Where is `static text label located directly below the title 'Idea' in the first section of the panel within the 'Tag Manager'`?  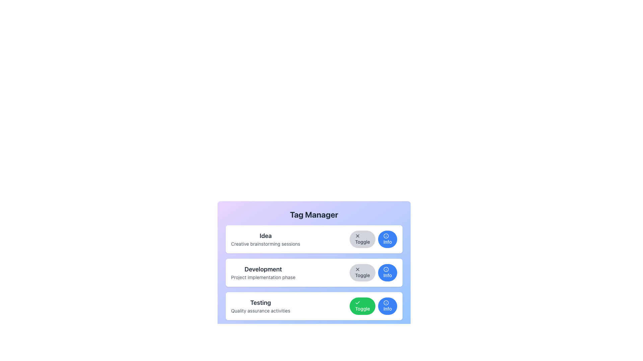 static text label located directly below the title 'Idea' in the first section of the panel within the 'Tag Manager' is located at coordinates (265, 244).